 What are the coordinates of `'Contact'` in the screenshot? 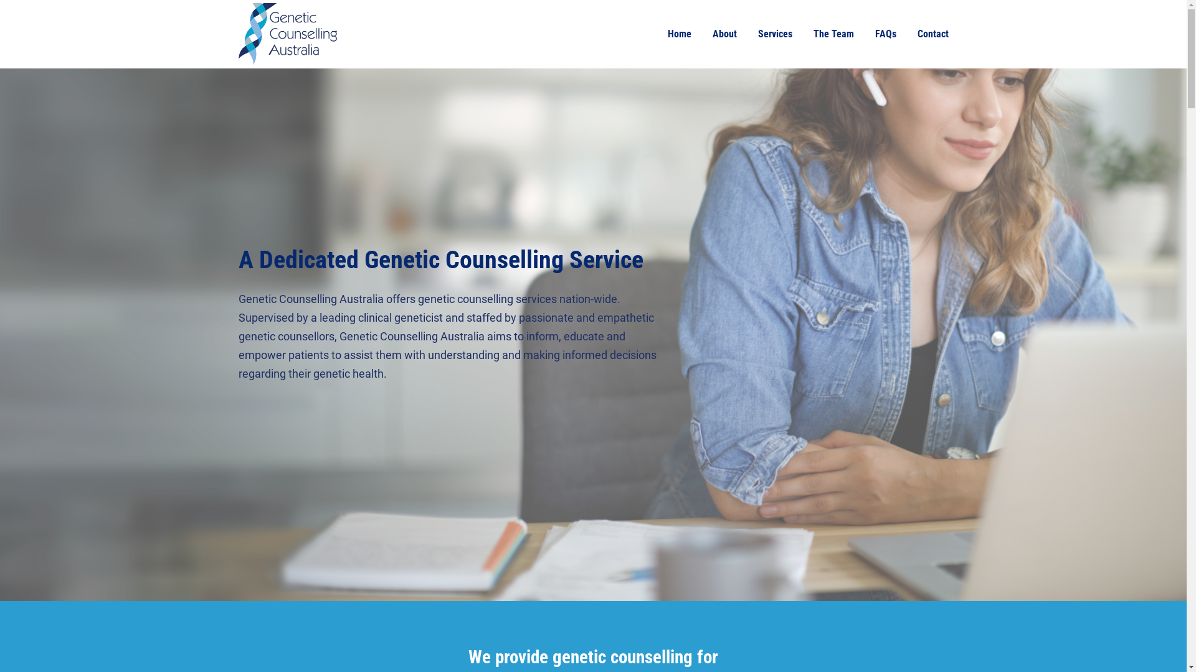 It's located at (933, 33).